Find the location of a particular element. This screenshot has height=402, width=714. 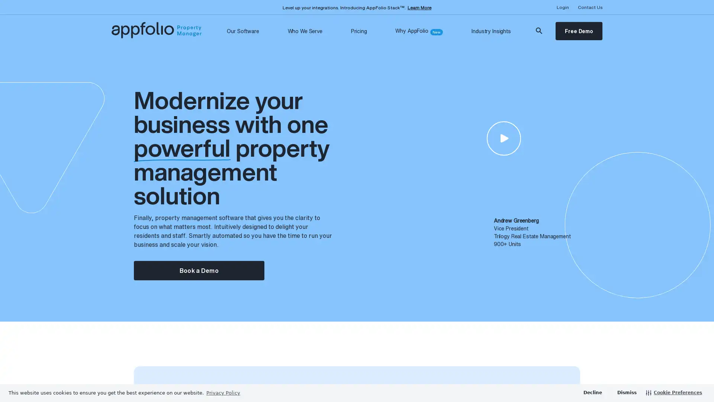

learn more about cookies is located at coordinates (223, 392).